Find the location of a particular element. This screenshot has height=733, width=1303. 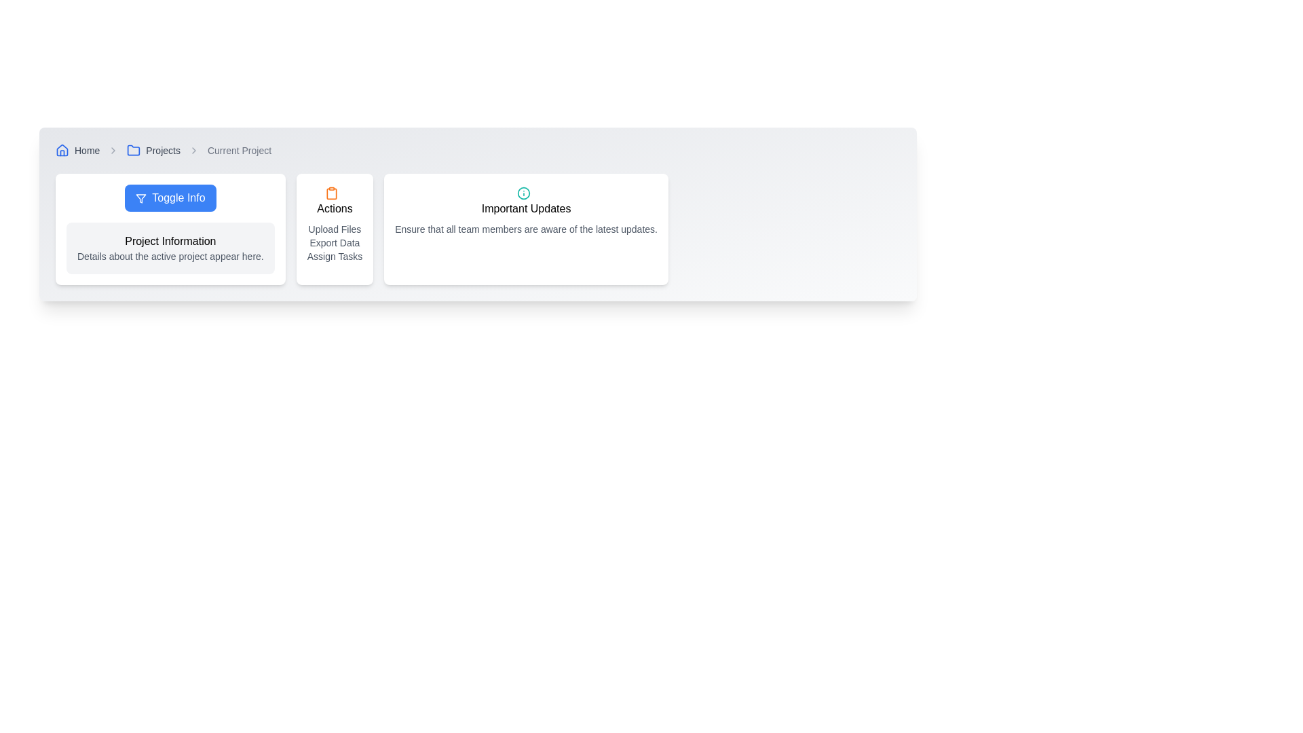

the 'Upload Files' text label, which is the first option in the vertical list of actions under the 'Actions' section is located at coordinates (335, 229).